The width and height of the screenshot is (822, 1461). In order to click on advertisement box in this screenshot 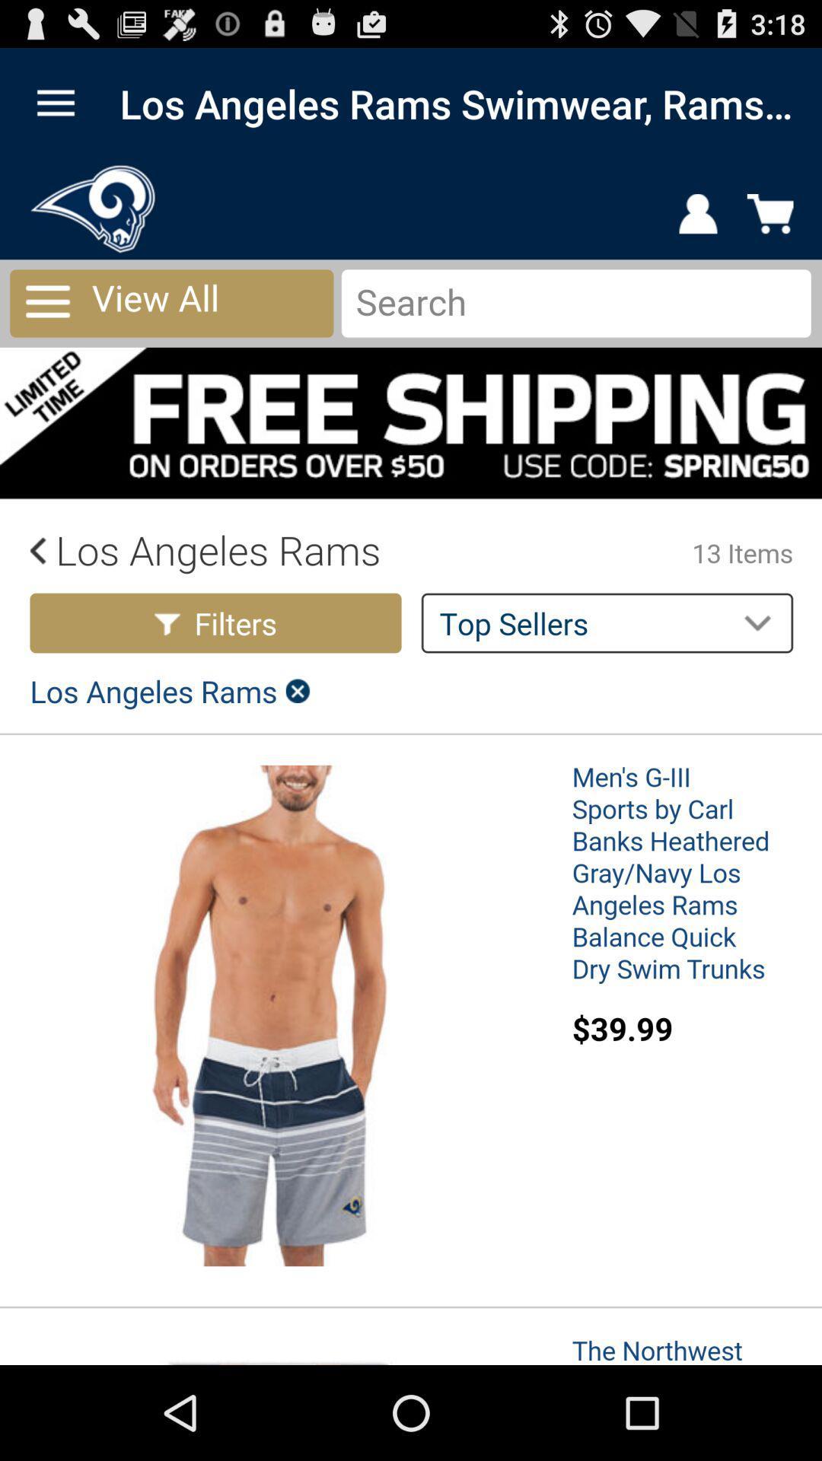, I will do `click(411, 762)`.